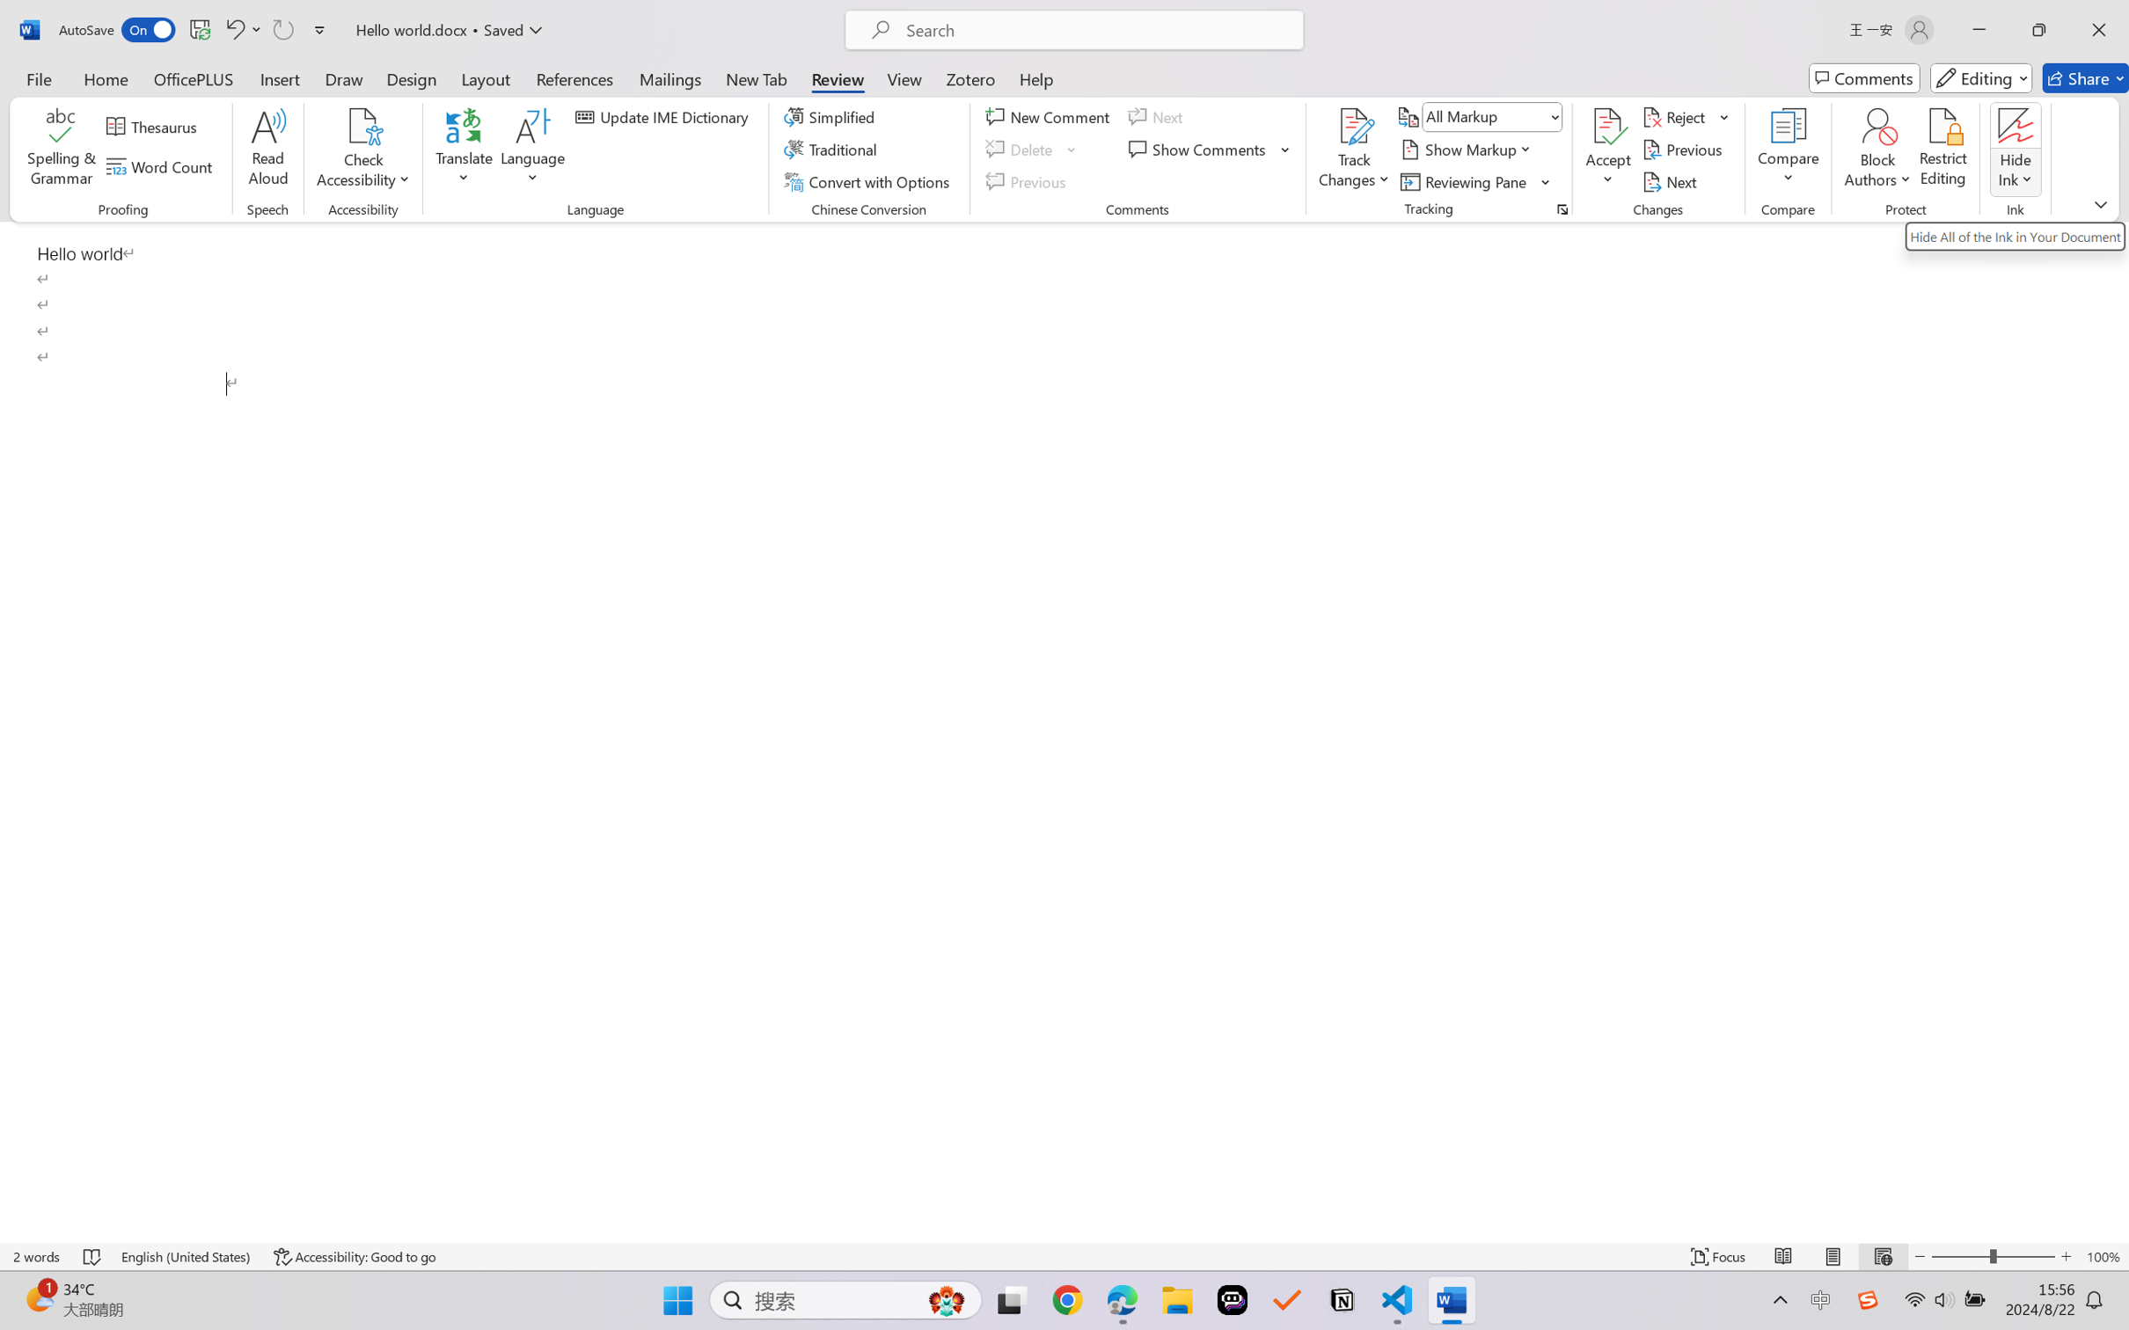 The image size is (2129, 1330). Describe the element at coordinates (241, 29) in the screenshot. I see `'Undo Click and Type Formatting'` at that location.